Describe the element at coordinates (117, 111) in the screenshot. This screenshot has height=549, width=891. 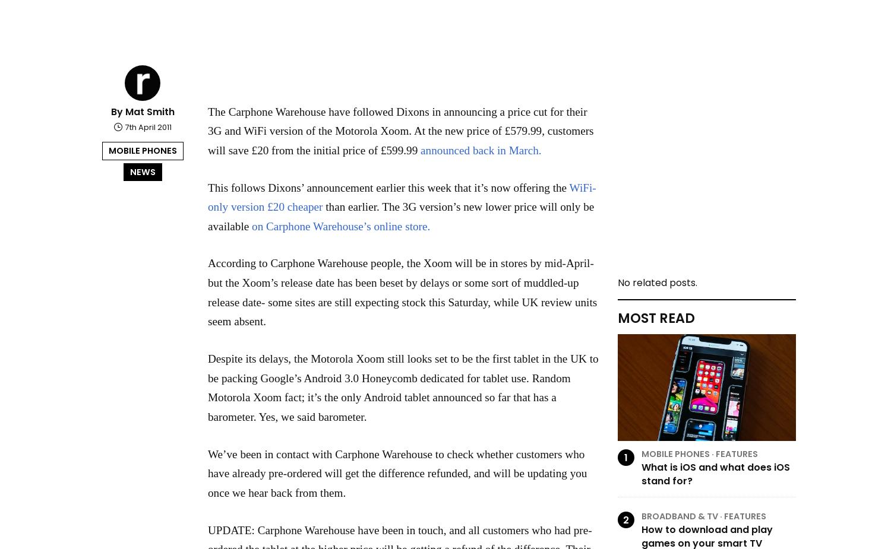
I see `'By'` at that location.